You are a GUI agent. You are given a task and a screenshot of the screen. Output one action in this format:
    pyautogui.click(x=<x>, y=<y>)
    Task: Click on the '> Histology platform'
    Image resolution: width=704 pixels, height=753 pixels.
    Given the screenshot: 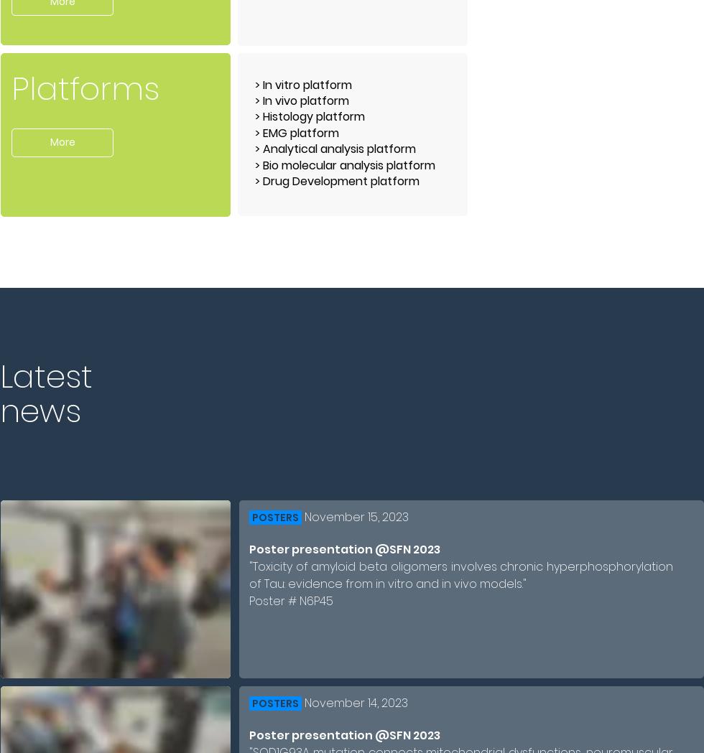 What is the action you would take?
    pyautogui.click(x=310, y=116)
    